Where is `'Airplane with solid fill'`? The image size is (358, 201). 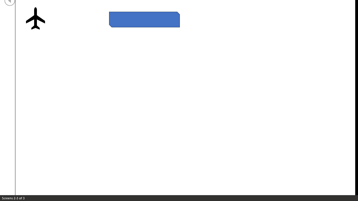 'Airplane with solid fill' is located at coordinates (35, 18).